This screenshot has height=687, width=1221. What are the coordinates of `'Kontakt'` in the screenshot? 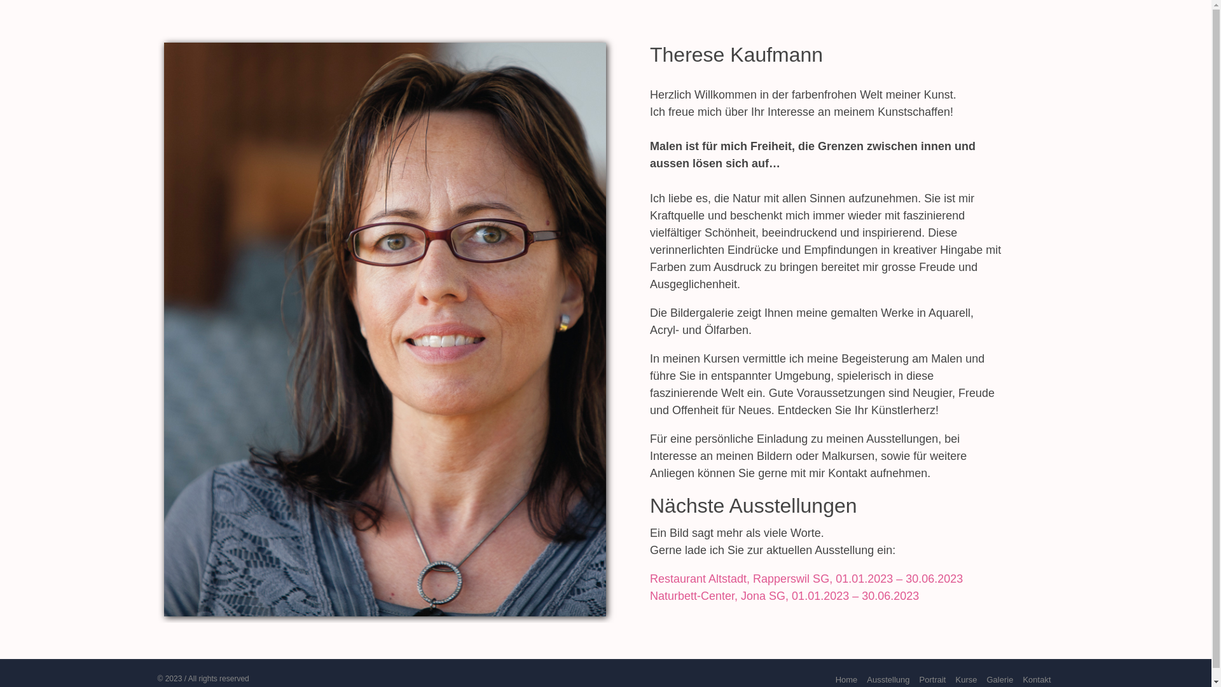 It's located at (1037, 679).